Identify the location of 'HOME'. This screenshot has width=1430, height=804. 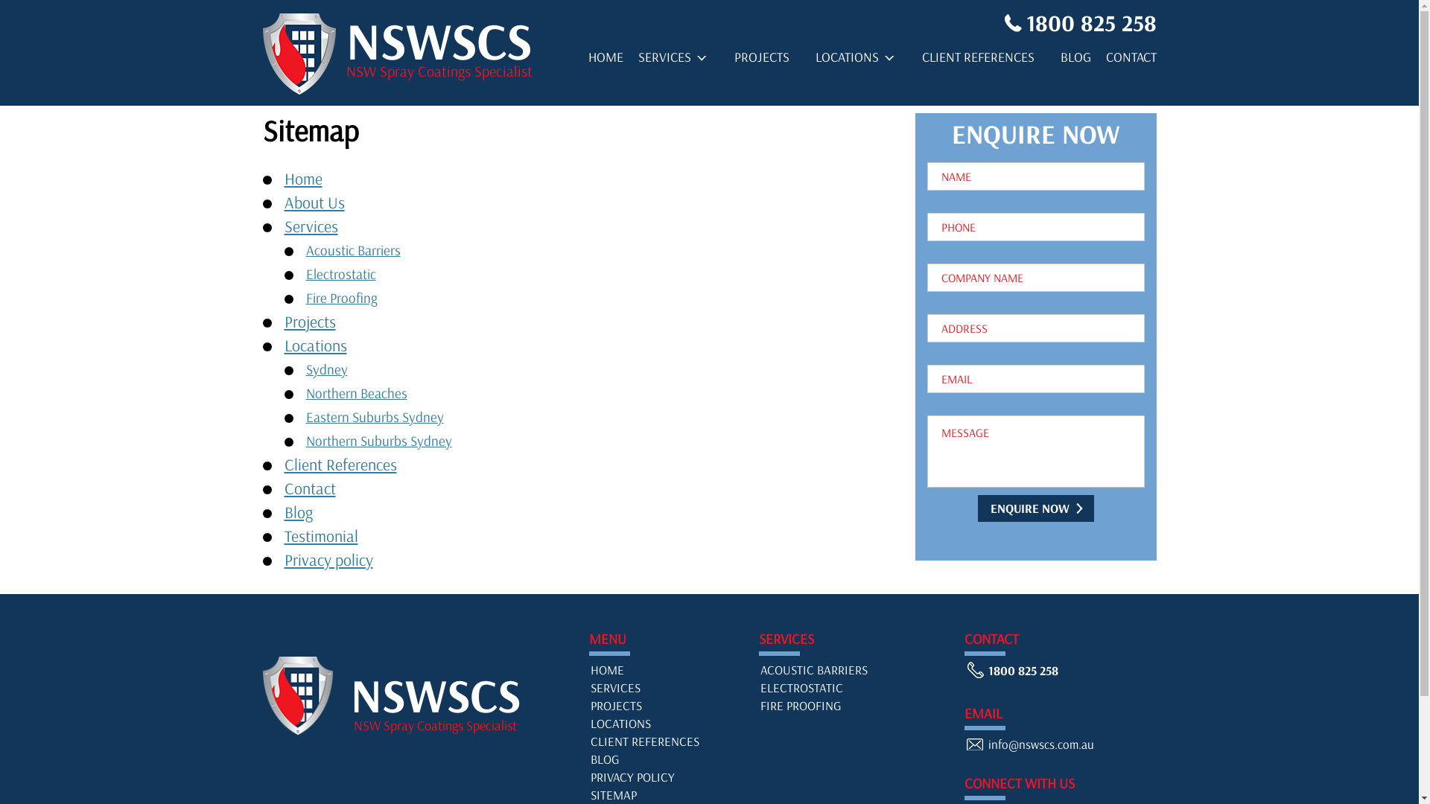
(606, 669).